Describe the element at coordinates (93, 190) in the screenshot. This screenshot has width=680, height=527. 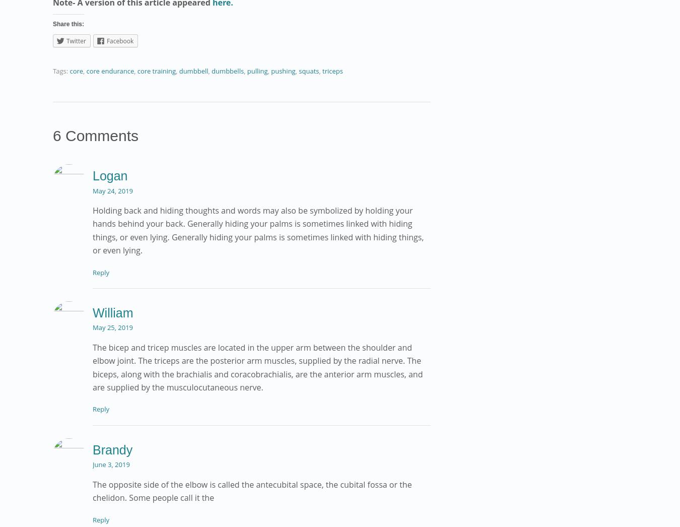
I see `'May 24, 2019'` at that location.